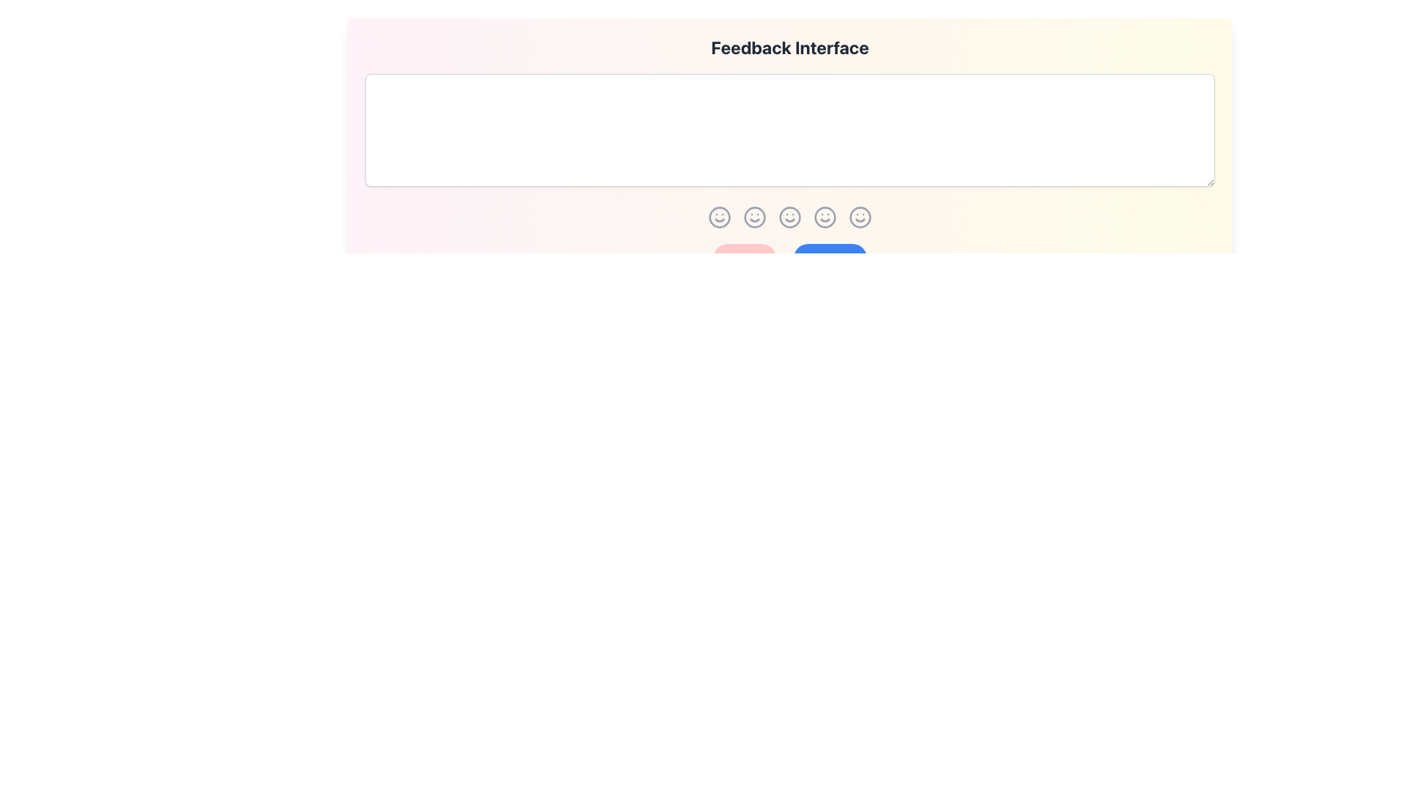 Image resolution: width=1406 pixels, height=791 pixels. I want to click on the fifth feedback emoji circle located at the bottom-central part of the feedback interface, so click(860, 218).